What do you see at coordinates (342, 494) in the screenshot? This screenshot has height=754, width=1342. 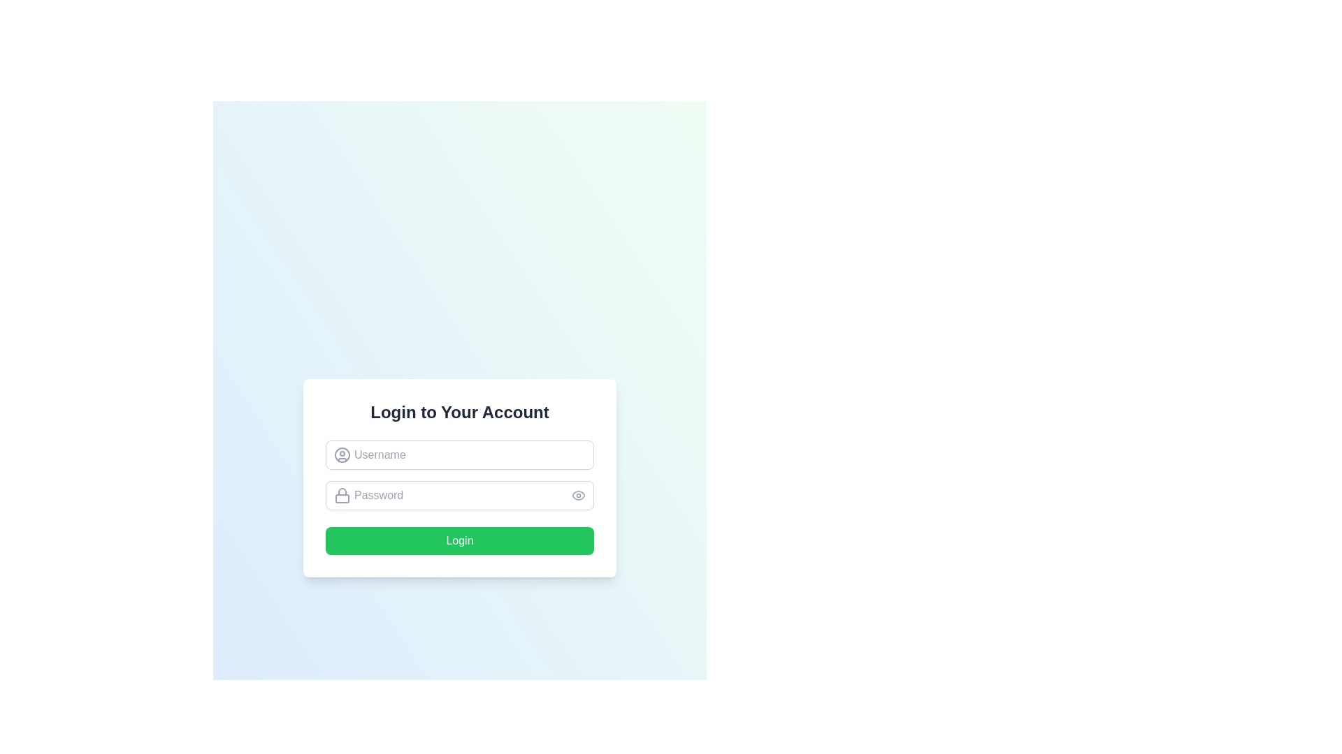 I see `the SVG lock icon element, which is styled with a gray stroke color and positioned to the left of the 'Password' input field in the login form` at bounding box center [342, 494].